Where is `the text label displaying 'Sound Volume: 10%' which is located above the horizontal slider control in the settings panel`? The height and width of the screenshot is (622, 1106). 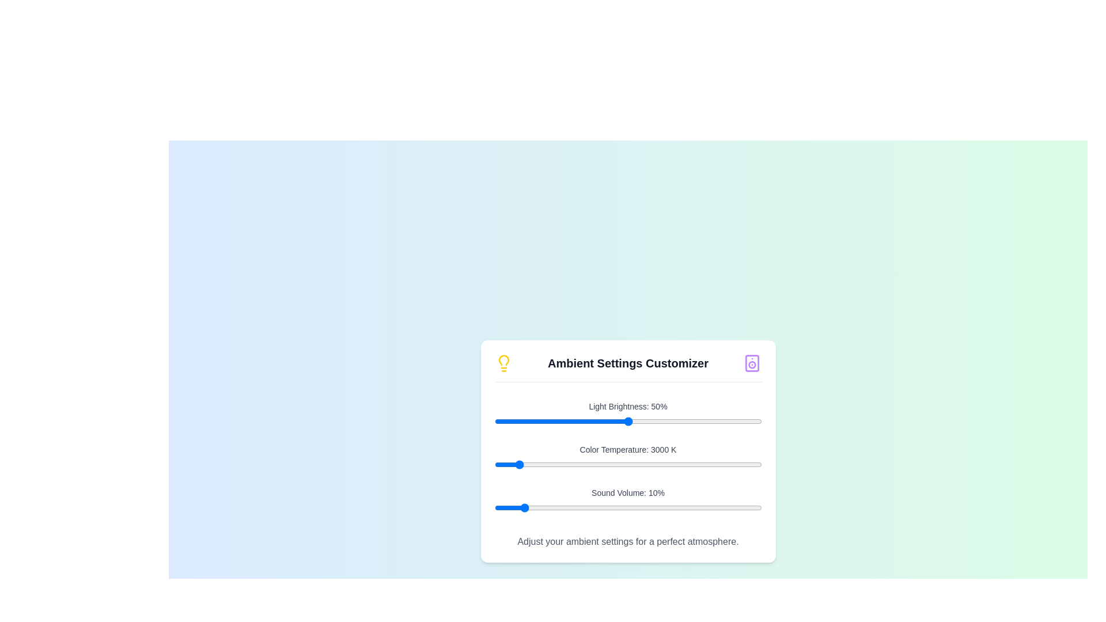 the text label displaying 'Sound Volume: 10%' which is located above the horizontal slider control in the settings panel is located at coordinates (627, 492).